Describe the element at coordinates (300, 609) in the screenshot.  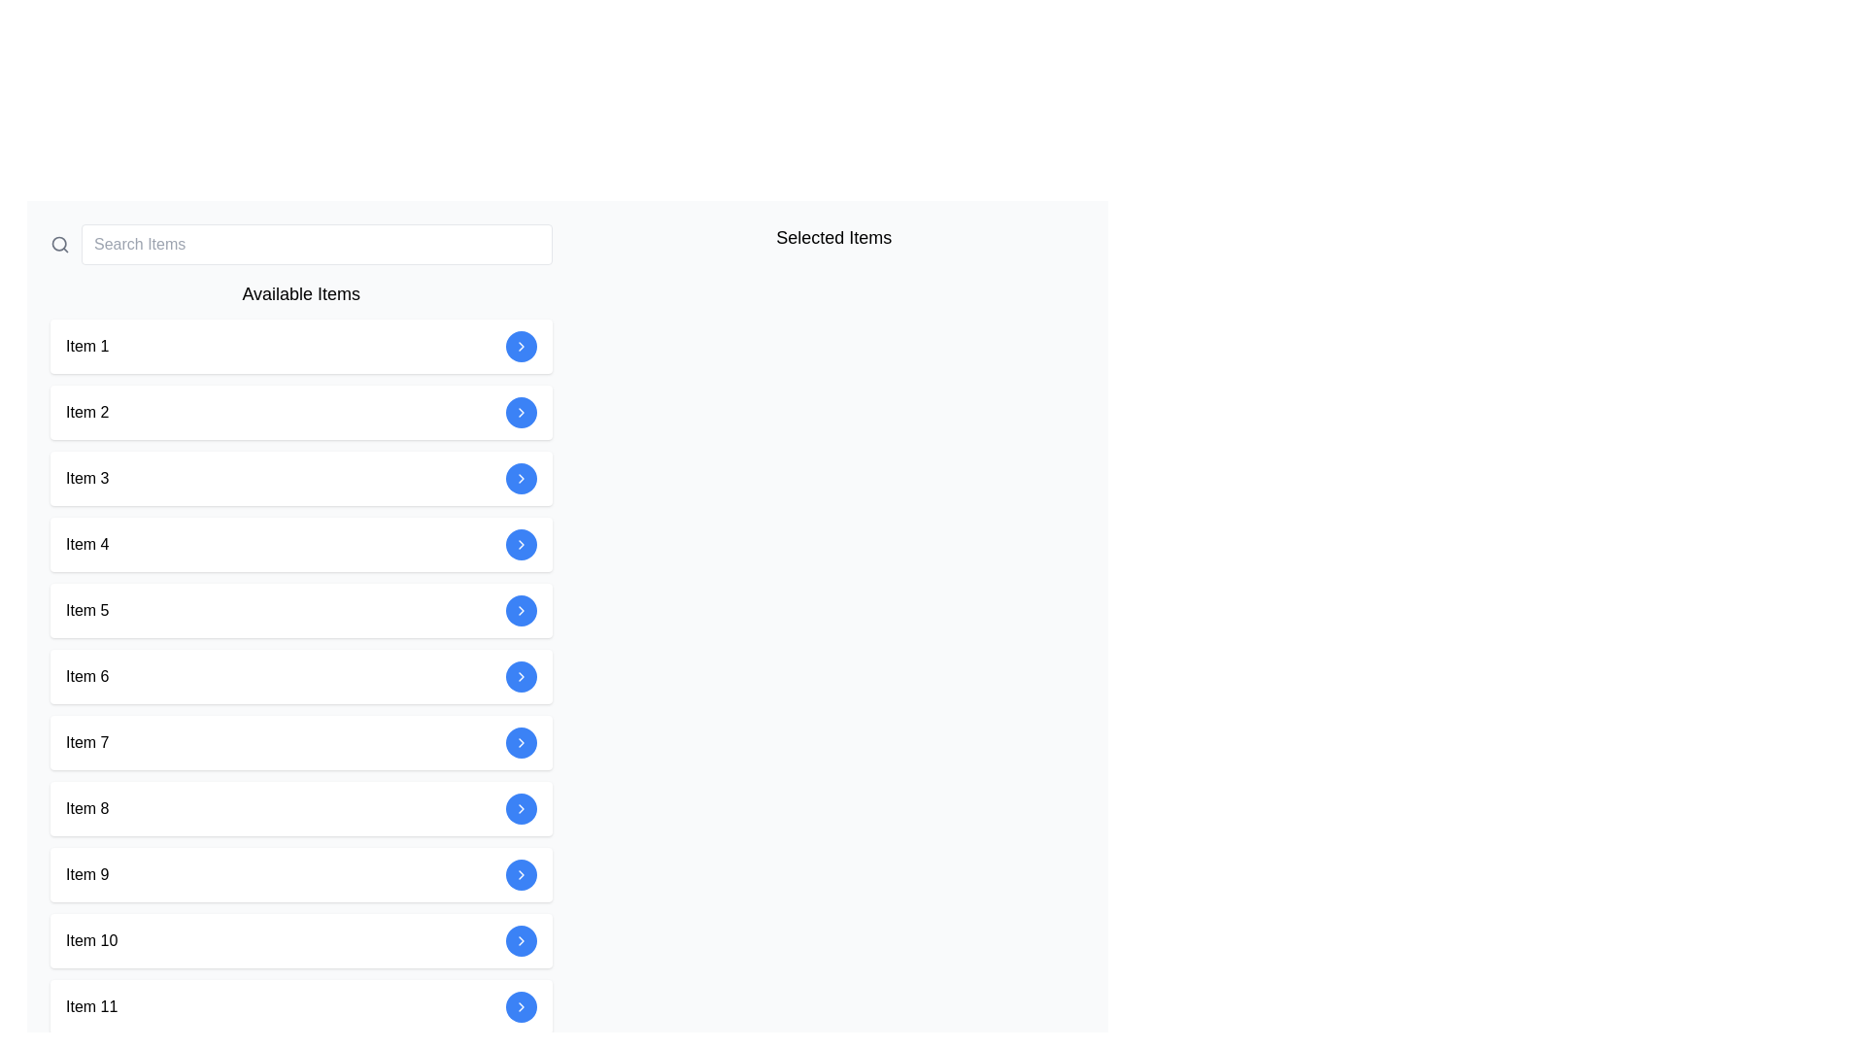
I see `the selectable list item labeled 'Item 5' with a circular blue button on the right` at that location.